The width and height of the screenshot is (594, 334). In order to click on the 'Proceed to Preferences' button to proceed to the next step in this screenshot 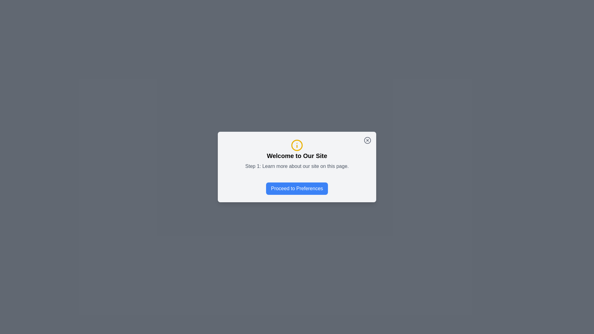, I will do `click(297, 188)`.